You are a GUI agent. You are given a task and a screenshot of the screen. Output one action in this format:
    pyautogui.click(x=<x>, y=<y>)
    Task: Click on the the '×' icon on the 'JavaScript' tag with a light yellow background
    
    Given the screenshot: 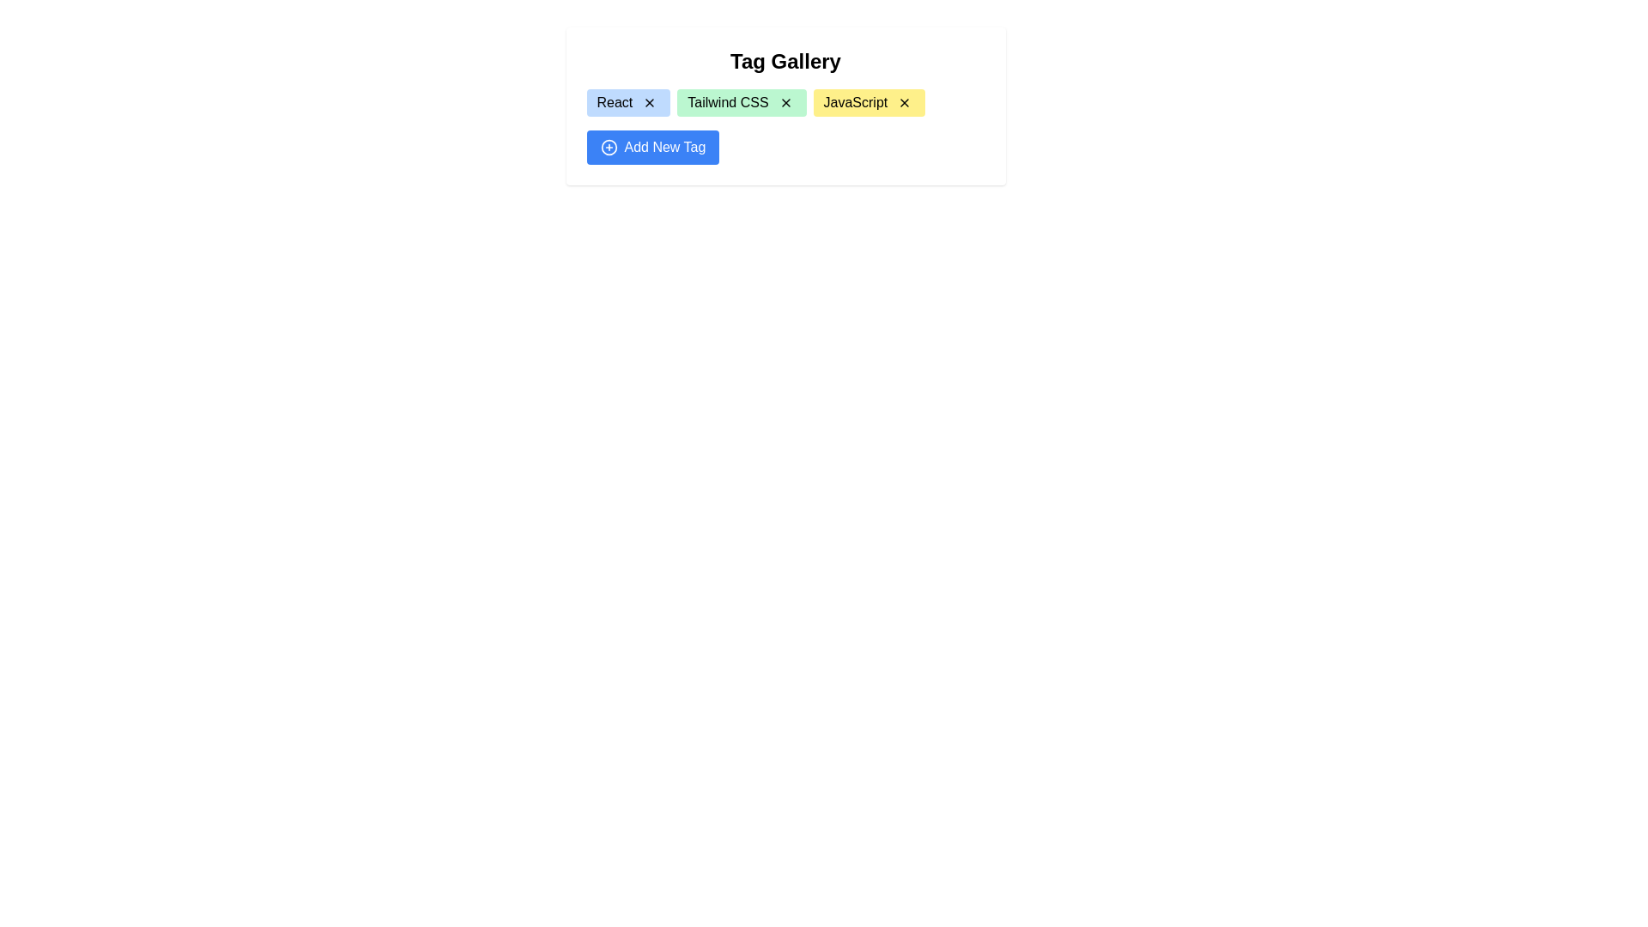 What is the action you would take?
    pyautogui.click(x=869, y=102)
    